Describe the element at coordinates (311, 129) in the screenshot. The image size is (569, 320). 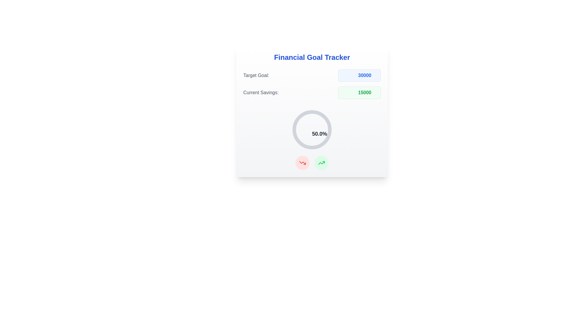
I see `the Circular Progress Indicator displaying '50.0%' in bold, centered within the circle` at that location.